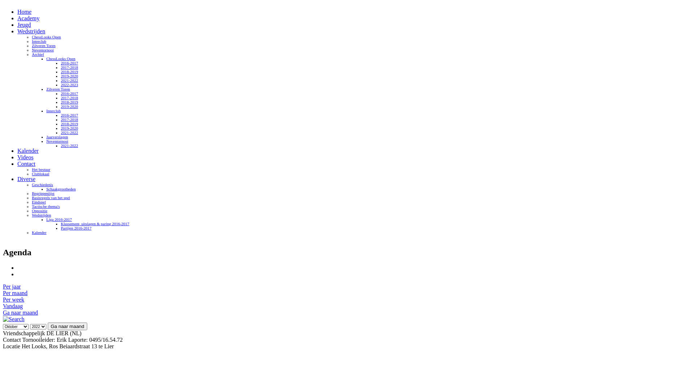 This screenshot has width=695, height=391. What do you see at coordinates (57, 141) in the screenshot?
I see `'Neventornooi'` at bounding box center [57, 141].